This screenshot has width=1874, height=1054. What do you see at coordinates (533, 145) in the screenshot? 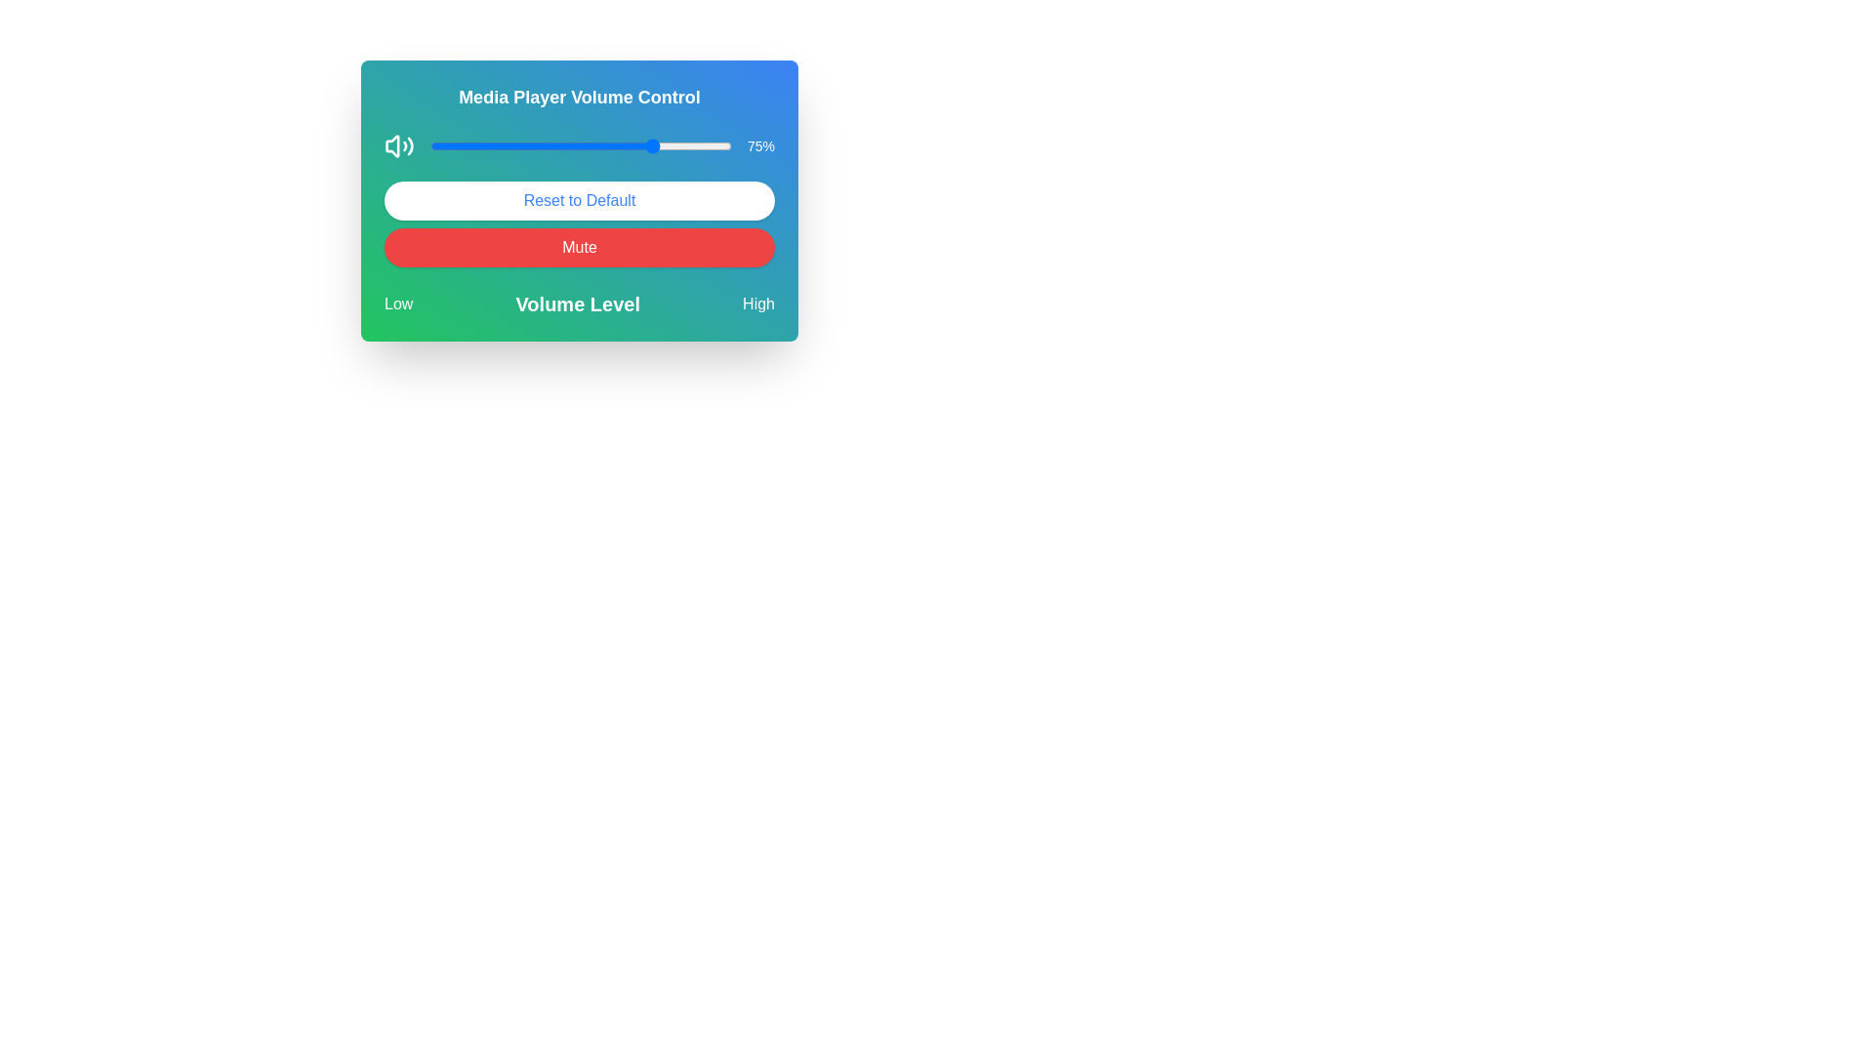
I see `the volume` at bounding box center [533, 145].